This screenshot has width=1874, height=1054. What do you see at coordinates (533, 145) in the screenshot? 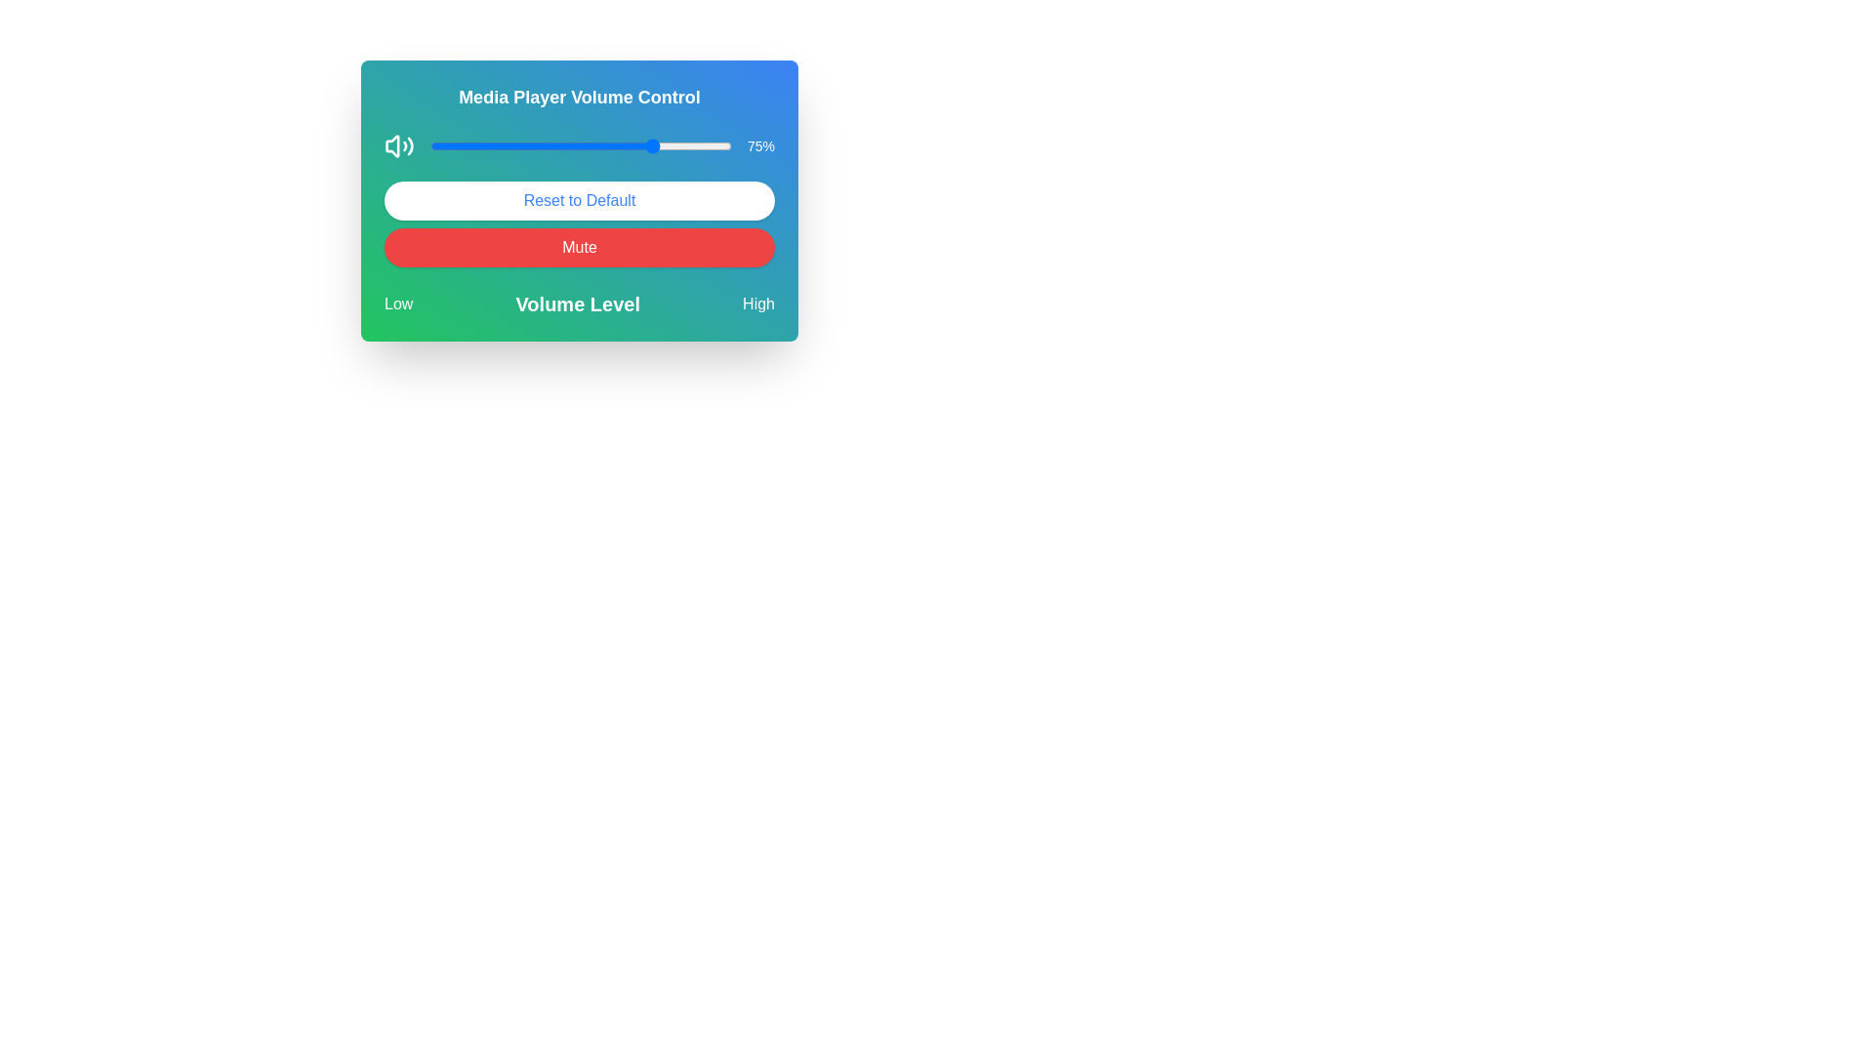
I see `the volume` at bounding box center [533, 145].